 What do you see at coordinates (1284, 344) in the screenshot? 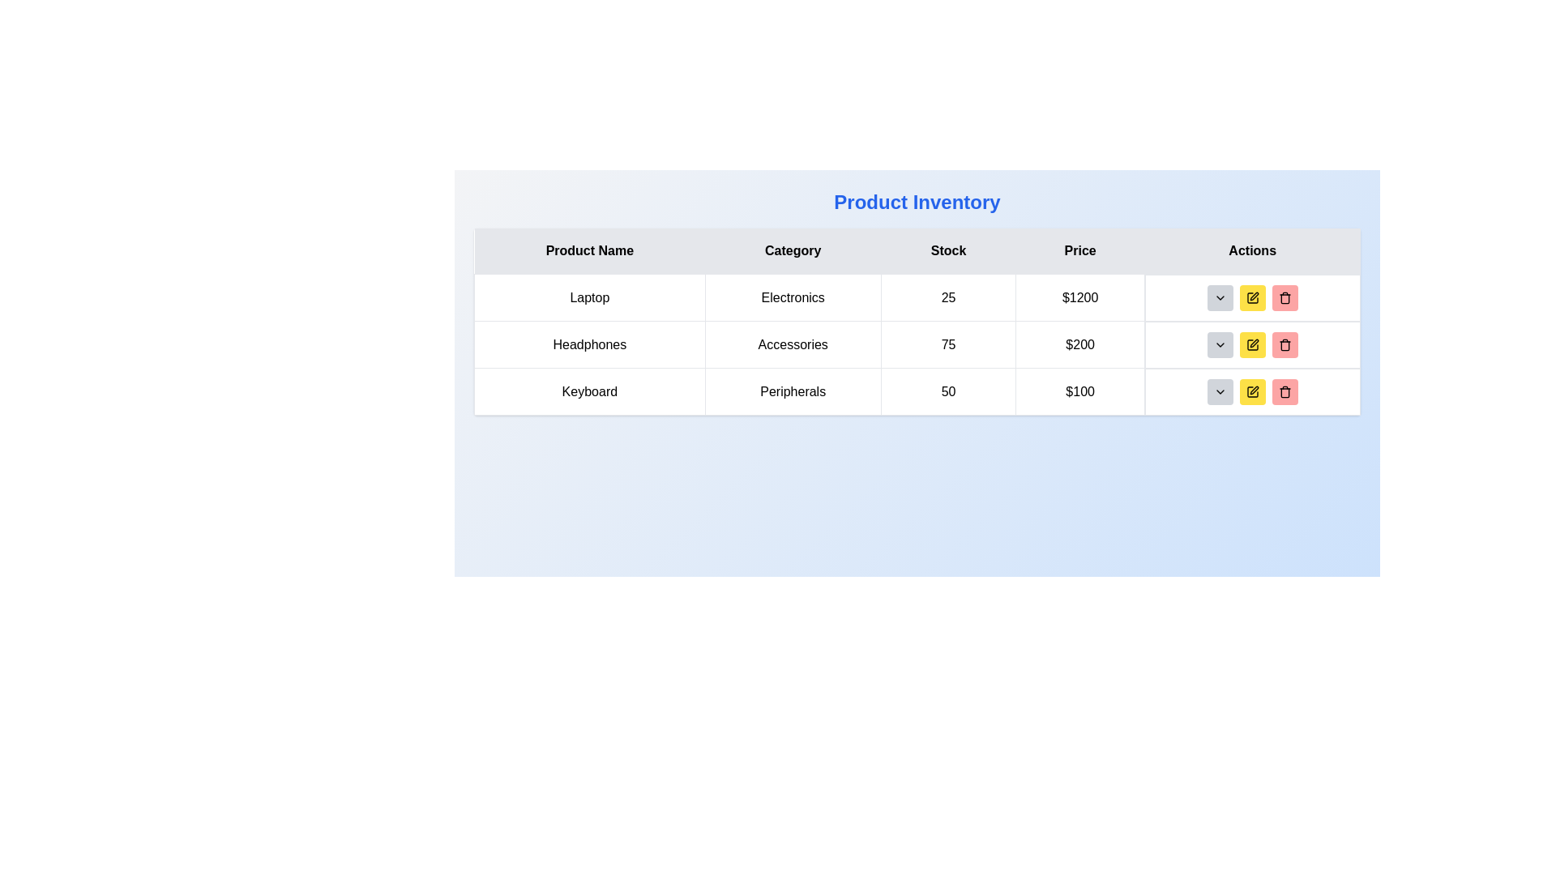
I see `the red button with a black trash can icon located in the 'Actions' column of the second row` at bounding box center [1284, 344].